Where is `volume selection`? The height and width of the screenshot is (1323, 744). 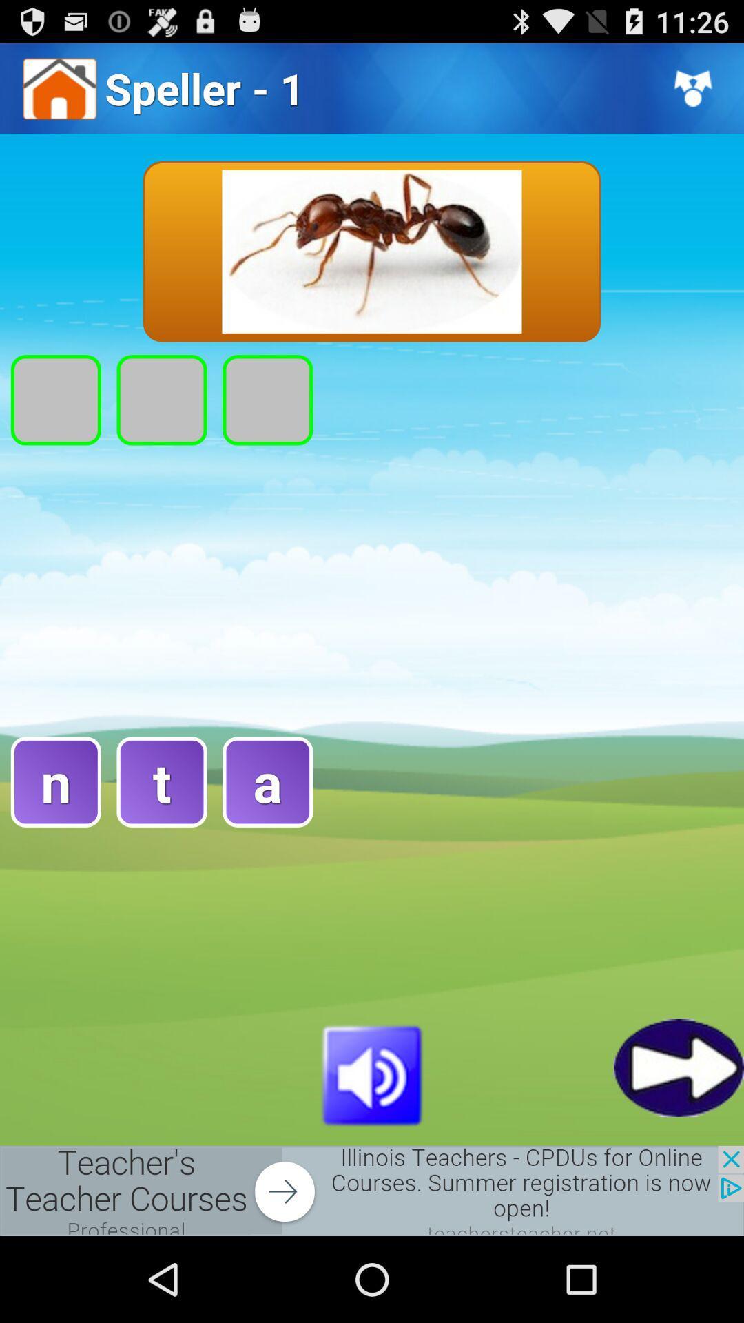 volume selection is located at coordinates (372, 1072).